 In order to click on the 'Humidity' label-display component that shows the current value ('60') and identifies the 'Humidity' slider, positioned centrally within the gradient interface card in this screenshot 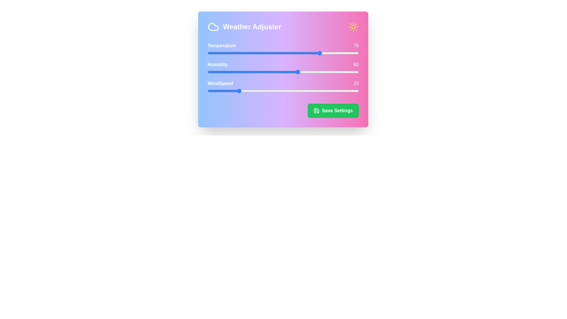, I will do `click(283, 65)`.